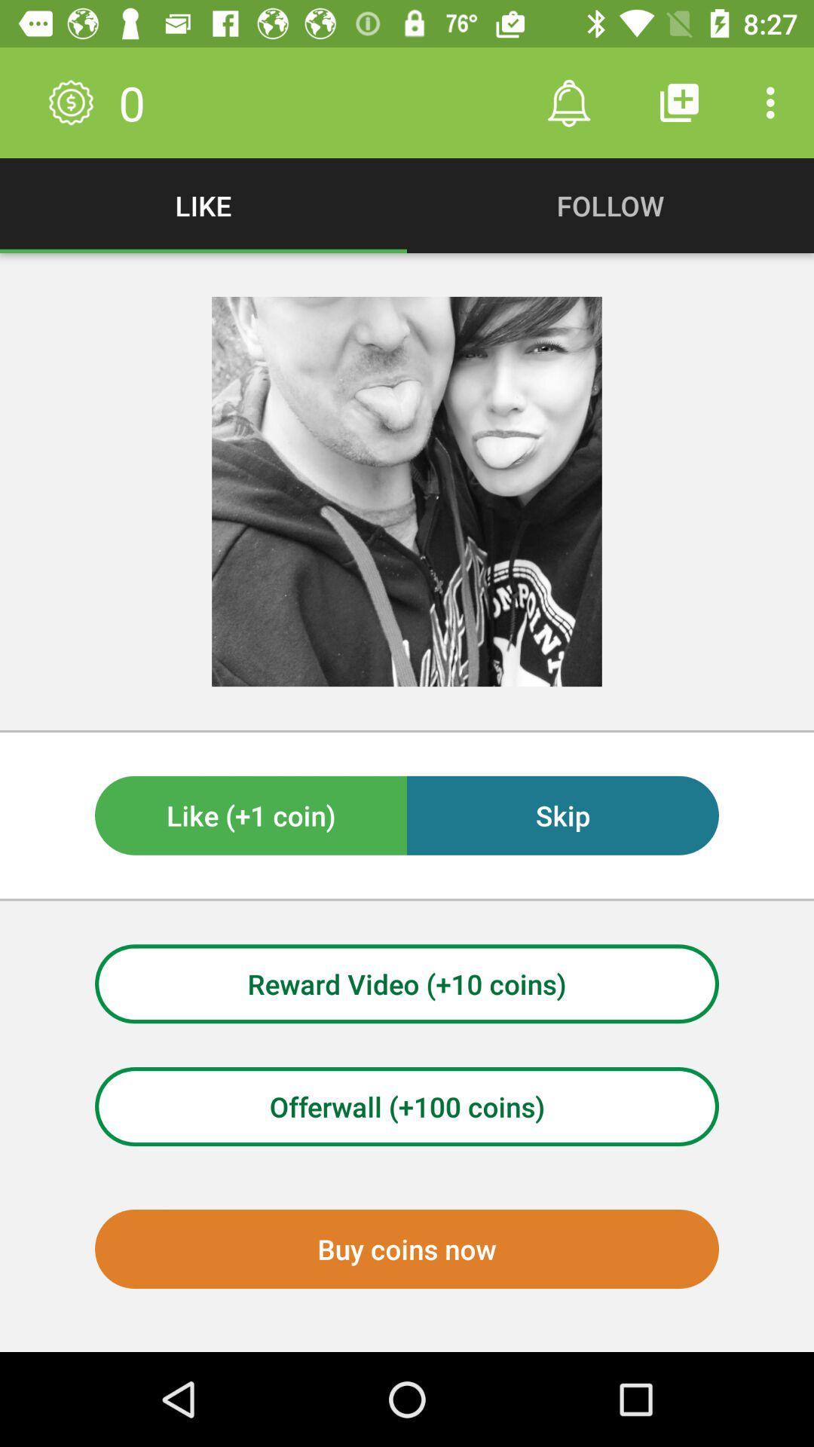 The height and width of the screenshot is (1447, 814). Describe the element at coordinates (407, 1249) in the screenshot. I see `the buy coins now` at that location.